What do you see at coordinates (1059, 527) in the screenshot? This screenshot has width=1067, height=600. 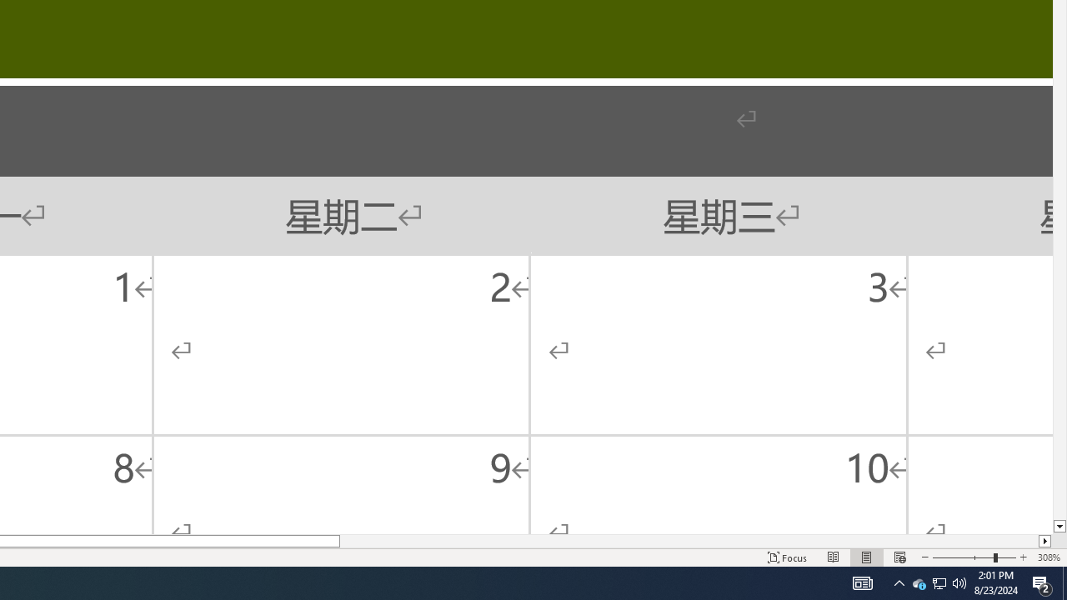 I see `'Line down'` at bounding box center [1059, 527].